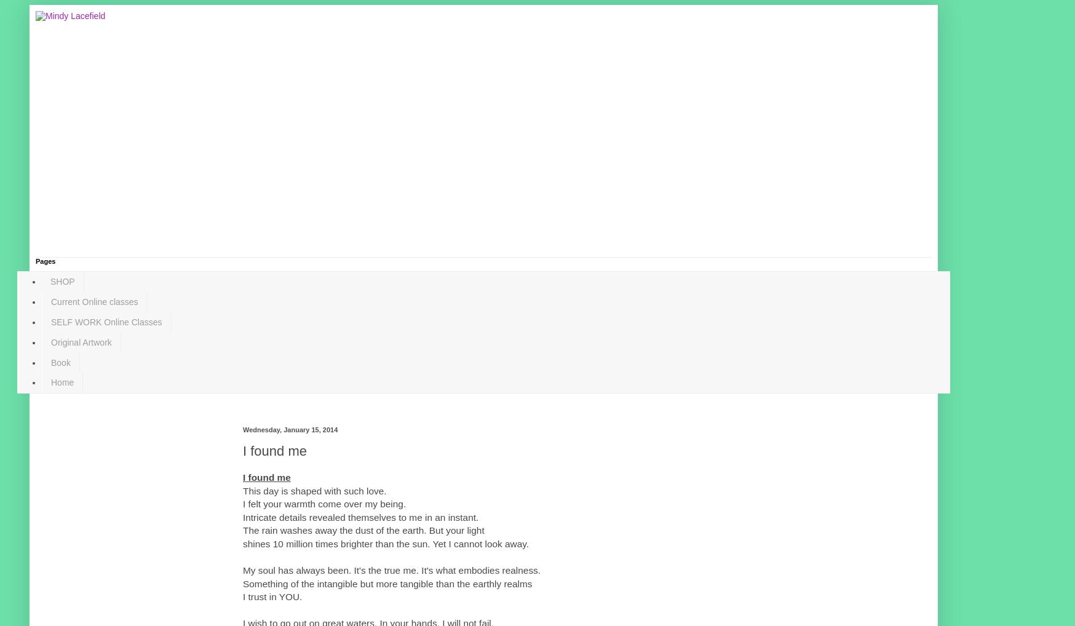 Image resolution: width=1075 pixels, height=626 pixels. Describe the element at coordinates (44, 261) in the screenshot. I see `'Pages'` at that location.